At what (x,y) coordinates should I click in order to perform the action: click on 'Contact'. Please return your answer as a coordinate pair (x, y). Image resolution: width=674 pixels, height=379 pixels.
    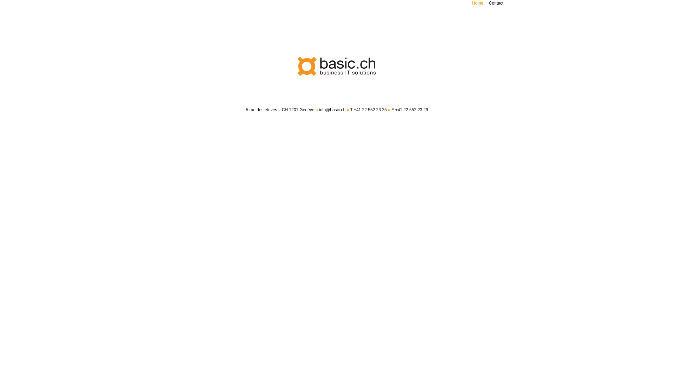
    Looking at the image, I should click on (496, 3).